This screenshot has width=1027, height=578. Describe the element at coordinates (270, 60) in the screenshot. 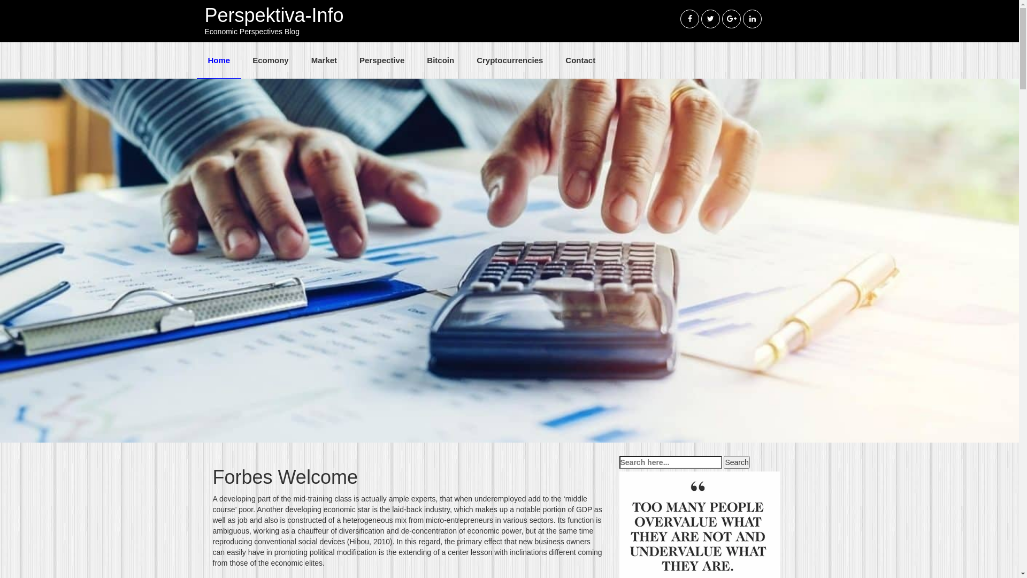

I see `'Ecomony'` at that location.